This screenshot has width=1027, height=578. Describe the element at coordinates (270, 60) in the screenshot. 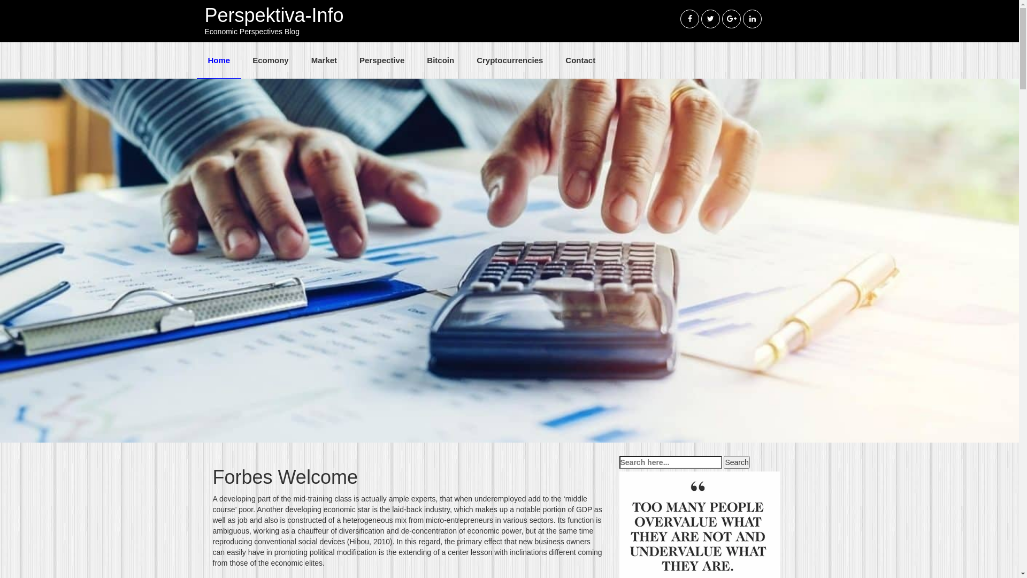

I see `'Ecomony'` at that location.